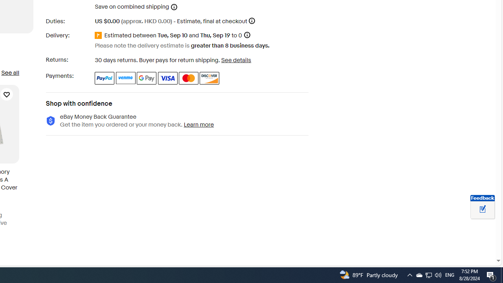  I want to click on 'Information - Estimated delivery date - opens a layer', so click(246, 35).